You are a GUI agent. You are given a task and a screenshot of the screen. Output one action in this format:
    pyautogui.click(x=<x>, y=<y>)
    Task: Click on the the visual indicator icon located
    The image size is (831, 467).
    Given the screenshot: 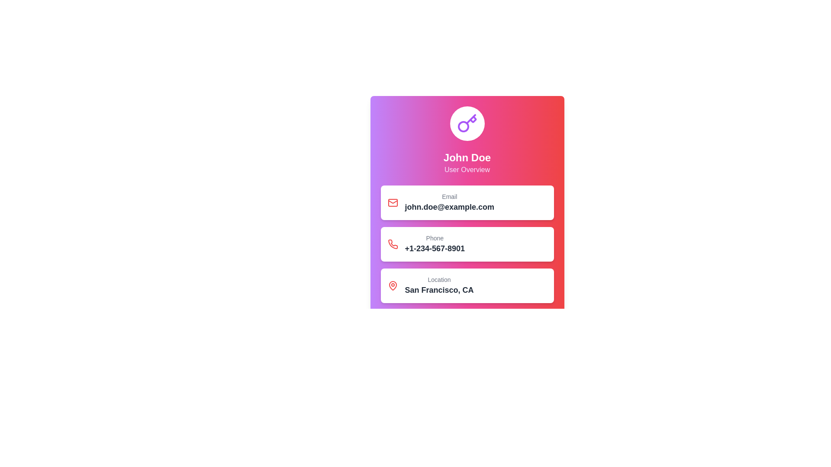 What is the action you would take?
    pyautogui.click(x=392, y=244)
    